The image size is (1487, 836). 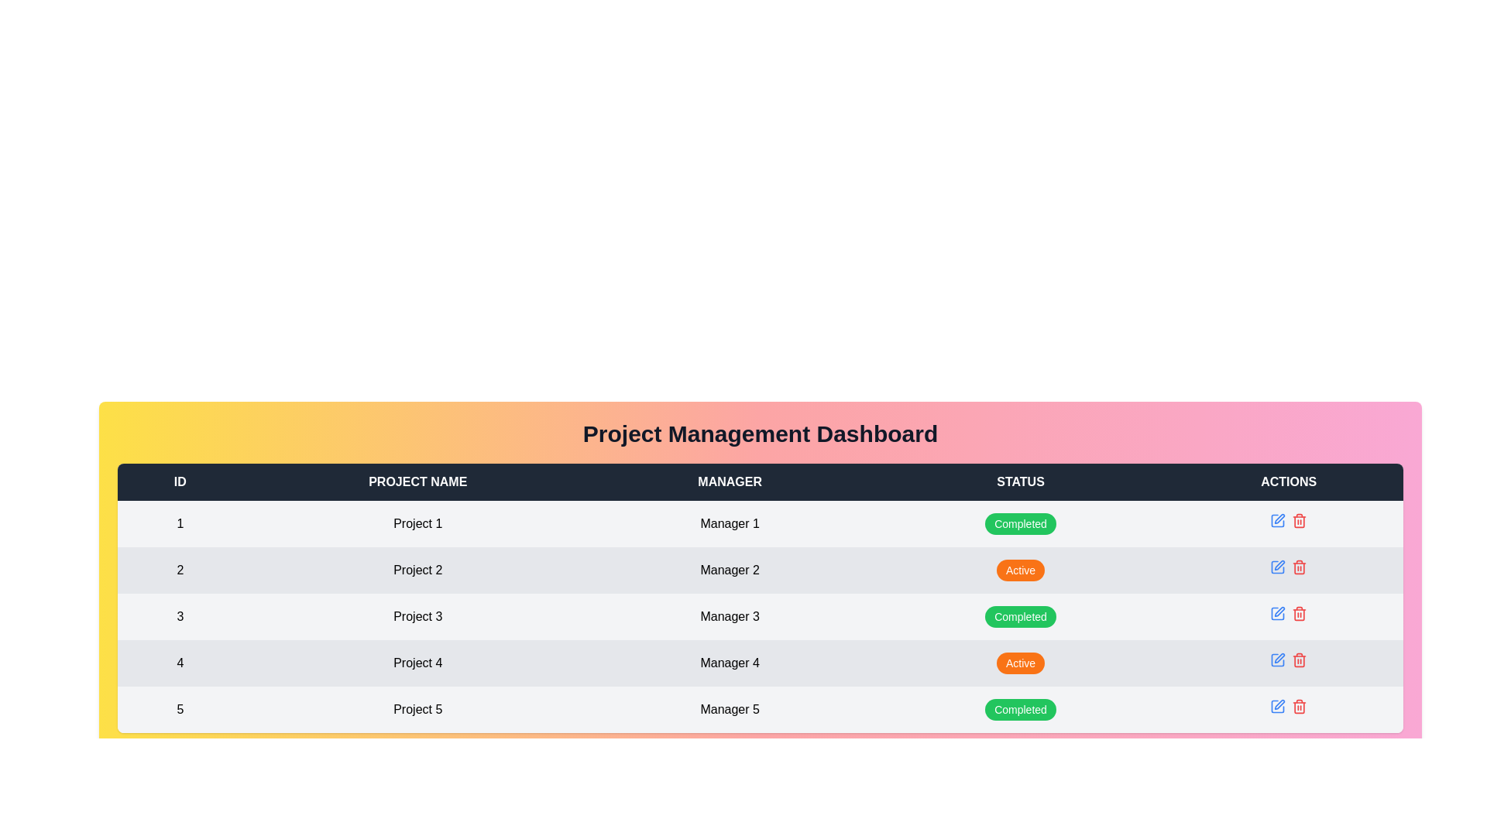 What do you see at coordinates (1279, 658) in the screenshot?
I see `the edit icon located in the last row of the table under the 'Actions' column, aligned to the right` at bounding box center [1279, 658].